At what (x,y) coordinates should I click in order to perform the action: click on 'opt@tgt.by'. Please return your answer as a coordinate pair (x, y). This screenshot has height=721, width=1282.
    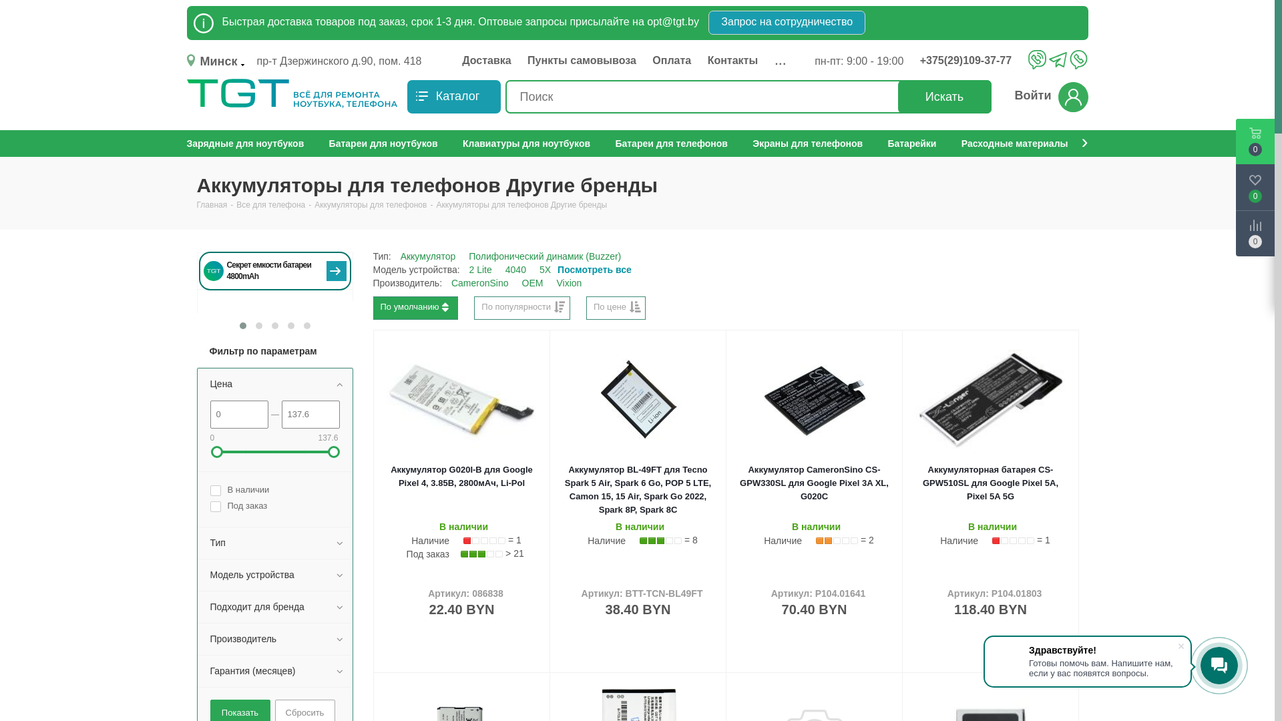
    Looking at the image, I should click on (673, 21).